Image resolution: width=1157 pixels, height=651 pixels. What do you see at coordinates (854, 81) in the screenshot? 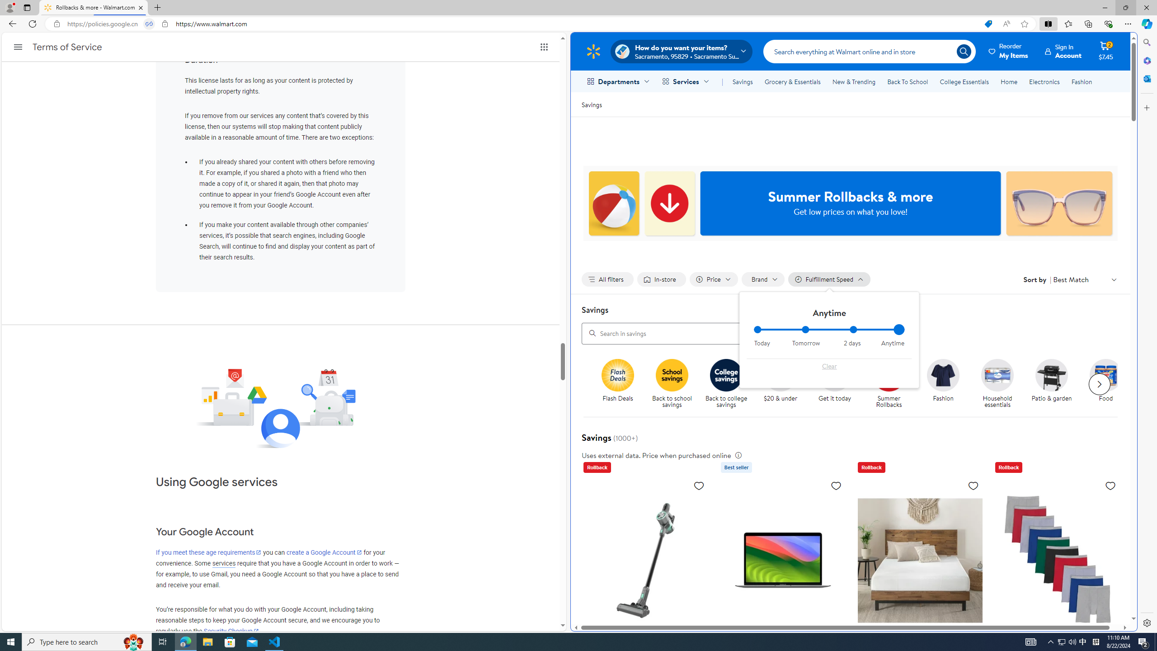
I see `'New & Trending'` at bounding box center [854, 81].